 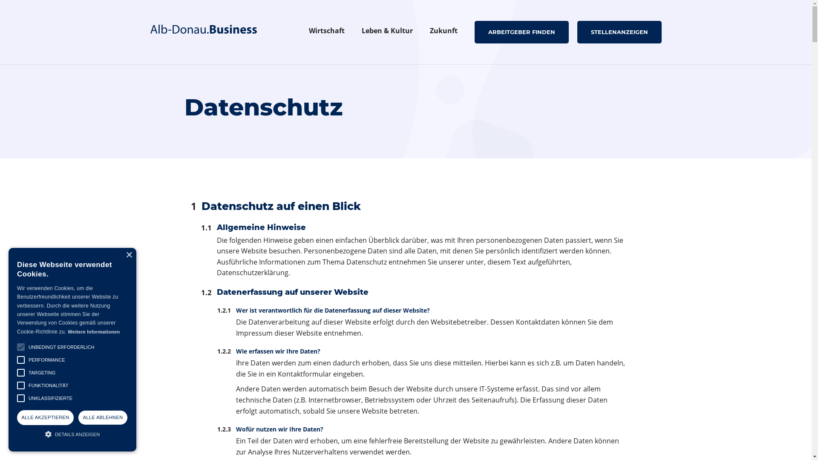 I want to click on 'STELLENANZEIGEN', so click(x=619, y=31).